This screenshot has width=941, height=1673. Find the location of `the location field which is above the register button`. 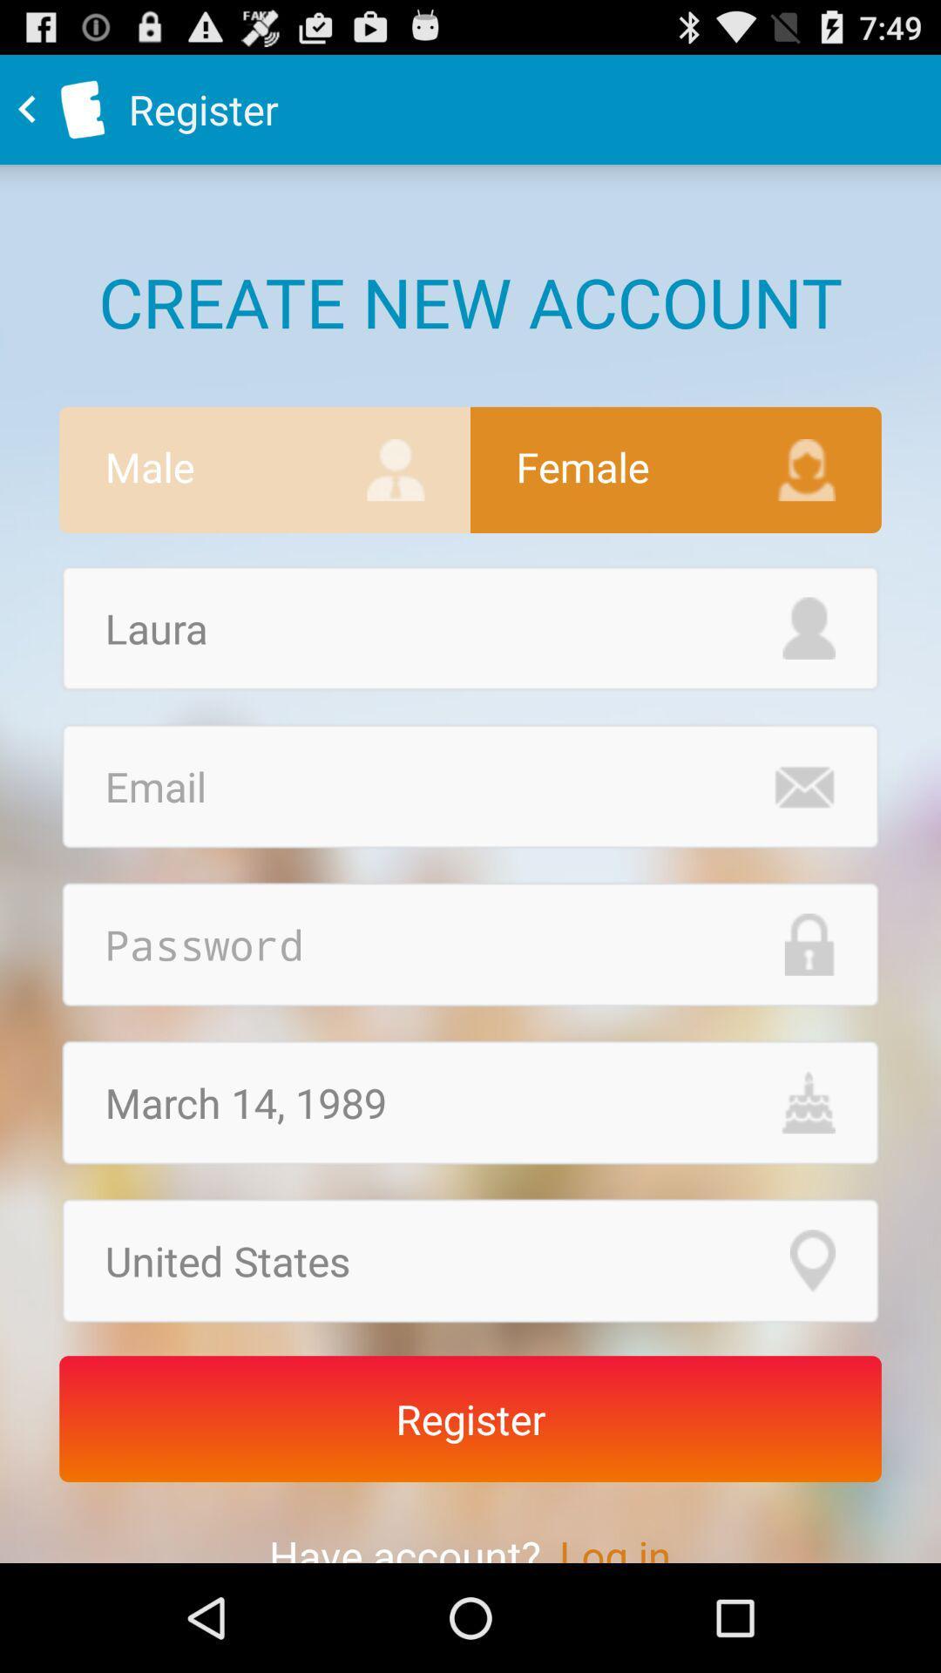

the location field which is above the register button is located at coordinates (470, 1261).